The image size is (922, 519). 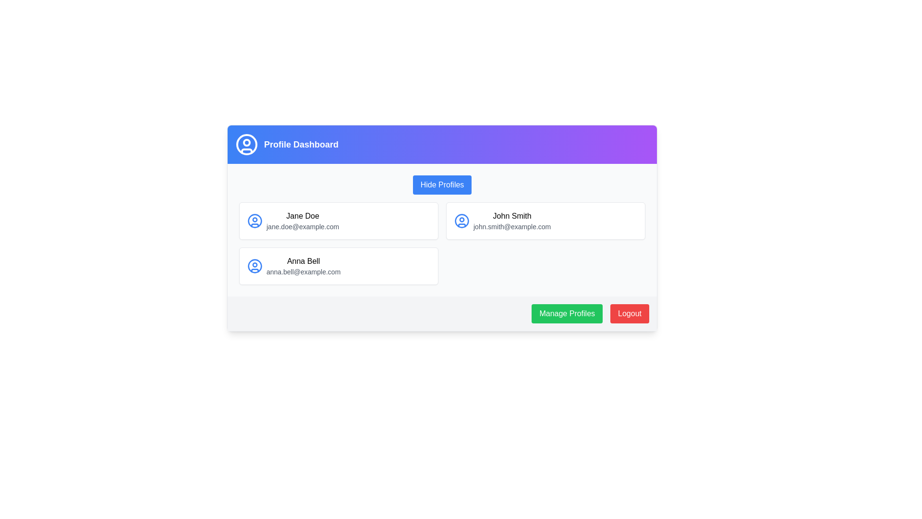 I want to click on the circular blue user profile icon located at the top-left corner of the white card section containing John Smith's profile, so click(x=461, y=221).